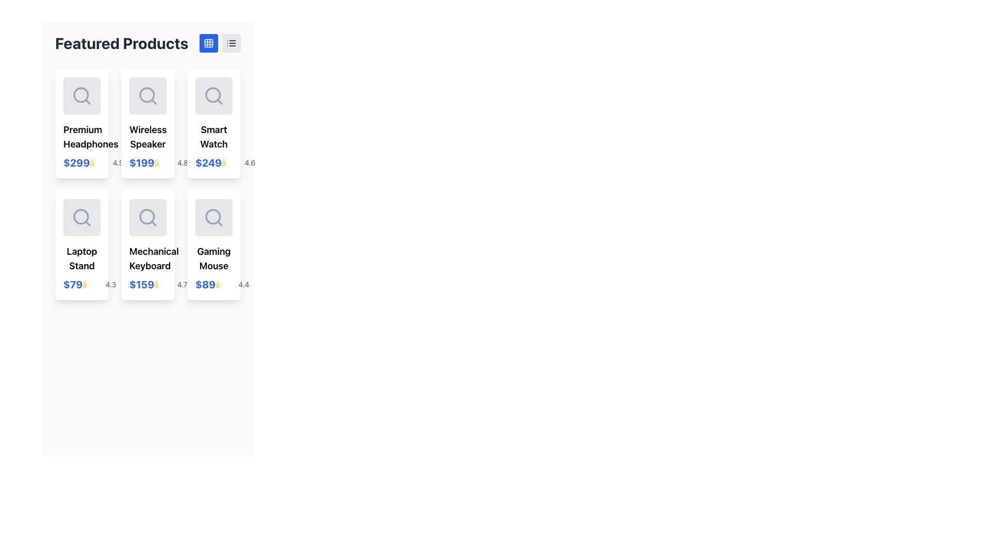  I want to click on the button icon resembling a list layout, located in the top-right corner of the 'Featured Products' section, so click(231, 43).